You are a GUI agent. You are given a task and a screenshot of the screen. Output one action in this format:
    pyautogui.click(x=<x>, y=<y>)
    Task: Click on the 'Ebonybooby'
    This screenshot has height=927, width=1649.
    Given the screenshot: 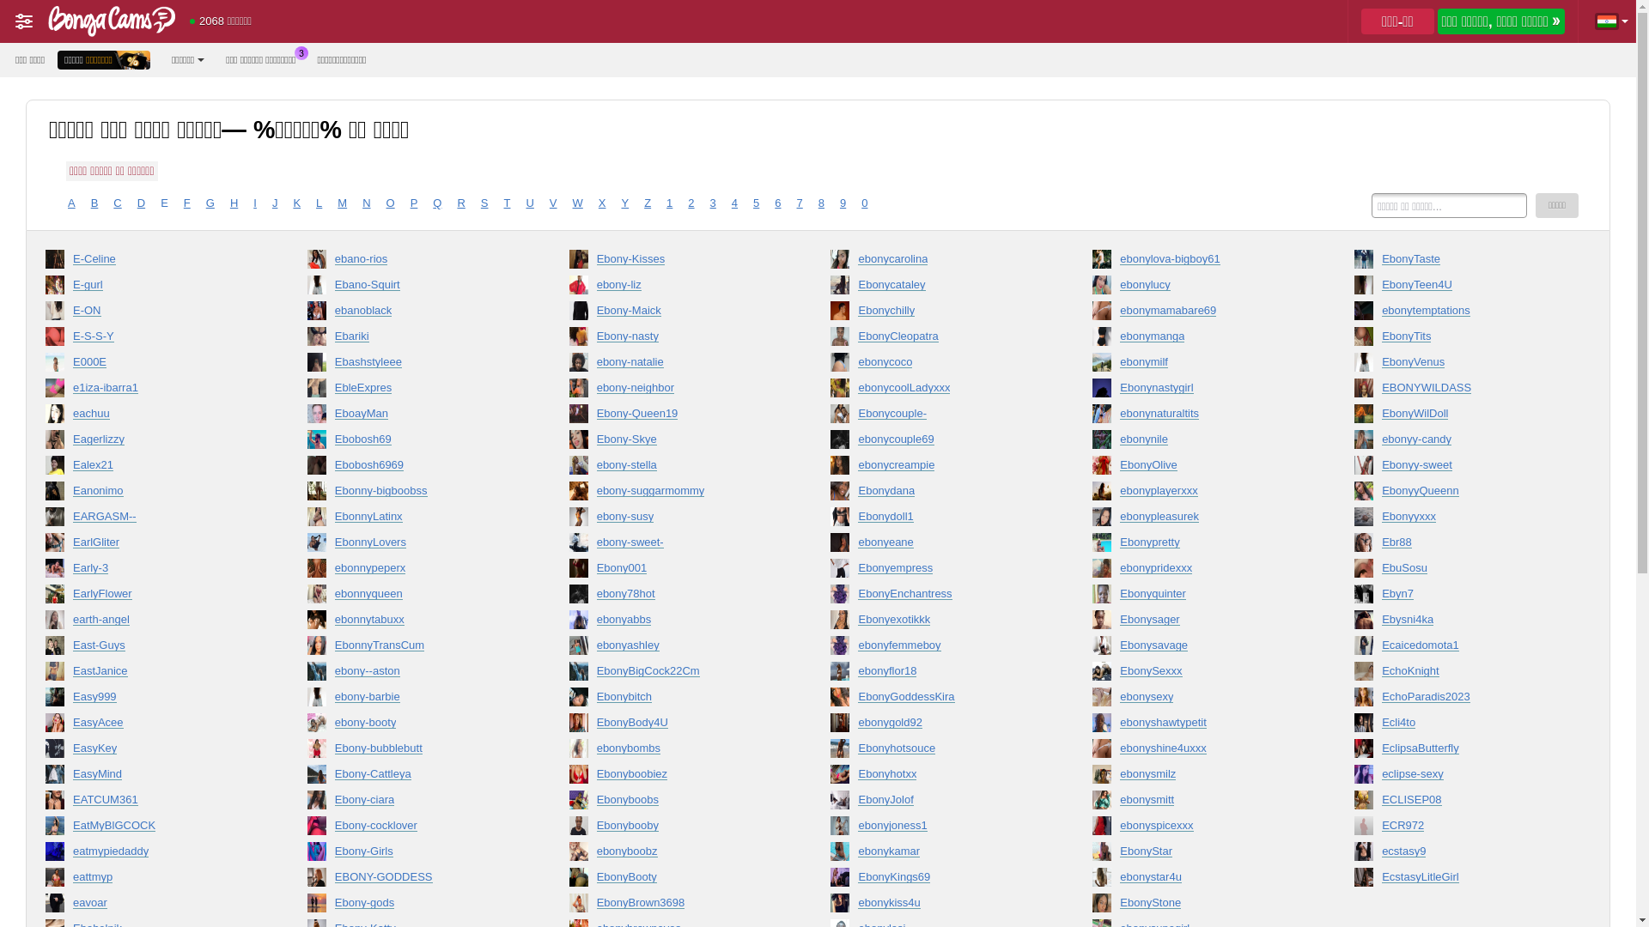 What is the action you would take?
    pyautogui.click(x=569, y=827)
    